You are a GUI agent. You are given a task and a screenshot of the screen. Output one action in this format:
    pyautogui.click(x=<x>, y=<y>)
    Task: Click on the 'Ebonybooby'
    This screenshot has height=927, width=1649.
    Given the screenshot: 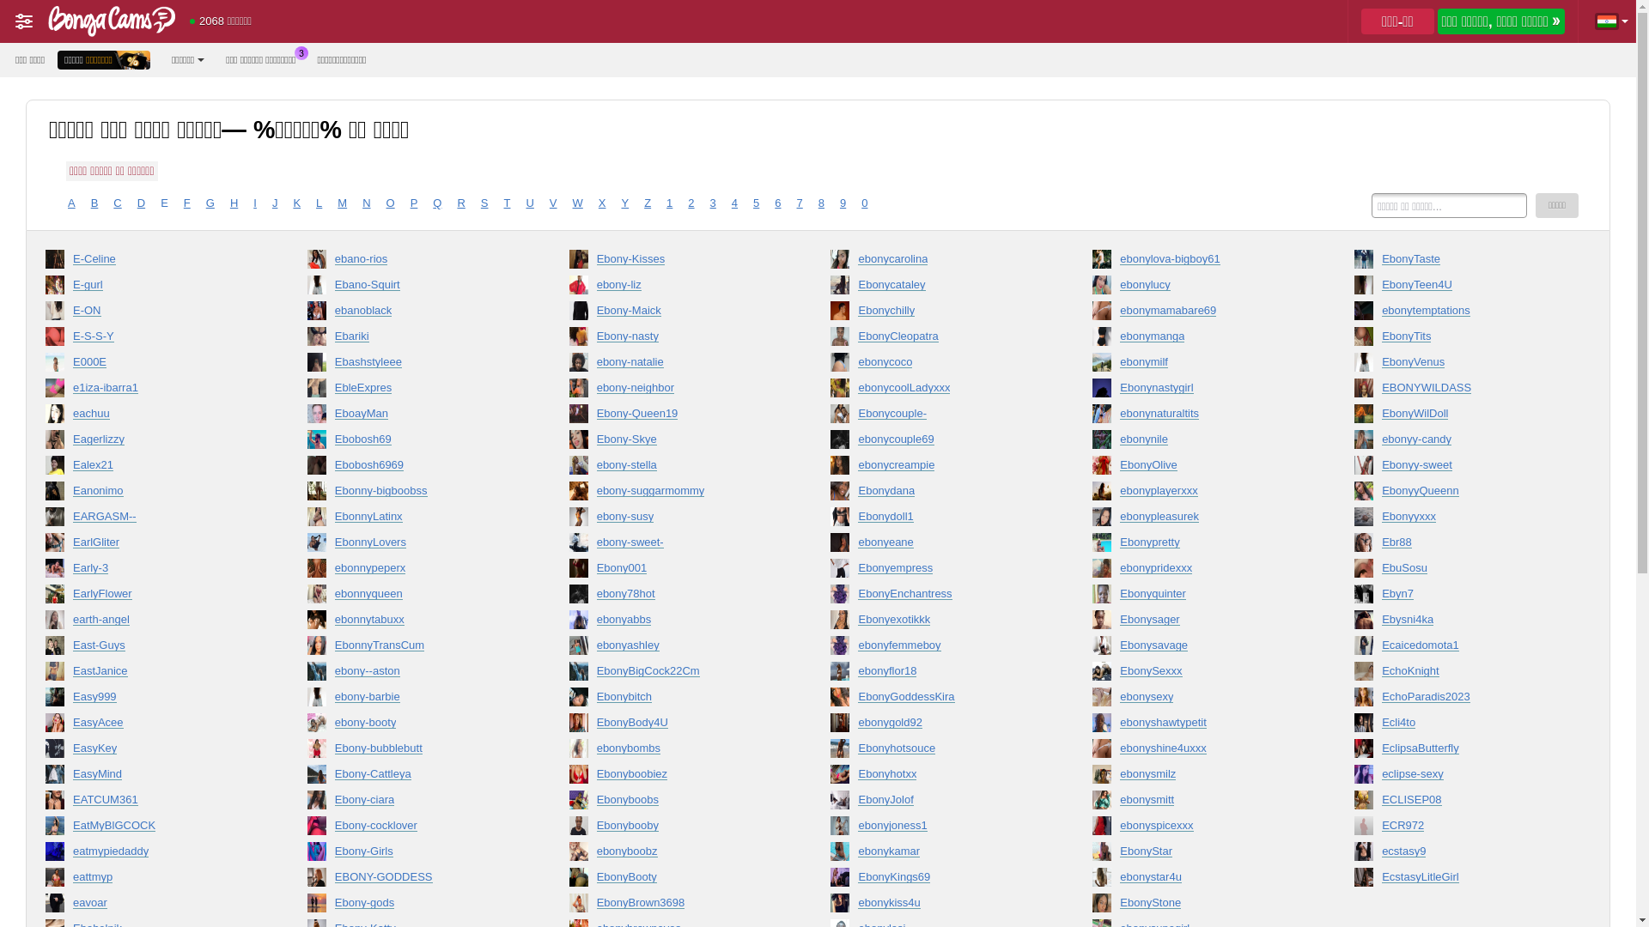 What is the action you would take?
    pyautogui.click(x=569, y=827)
    